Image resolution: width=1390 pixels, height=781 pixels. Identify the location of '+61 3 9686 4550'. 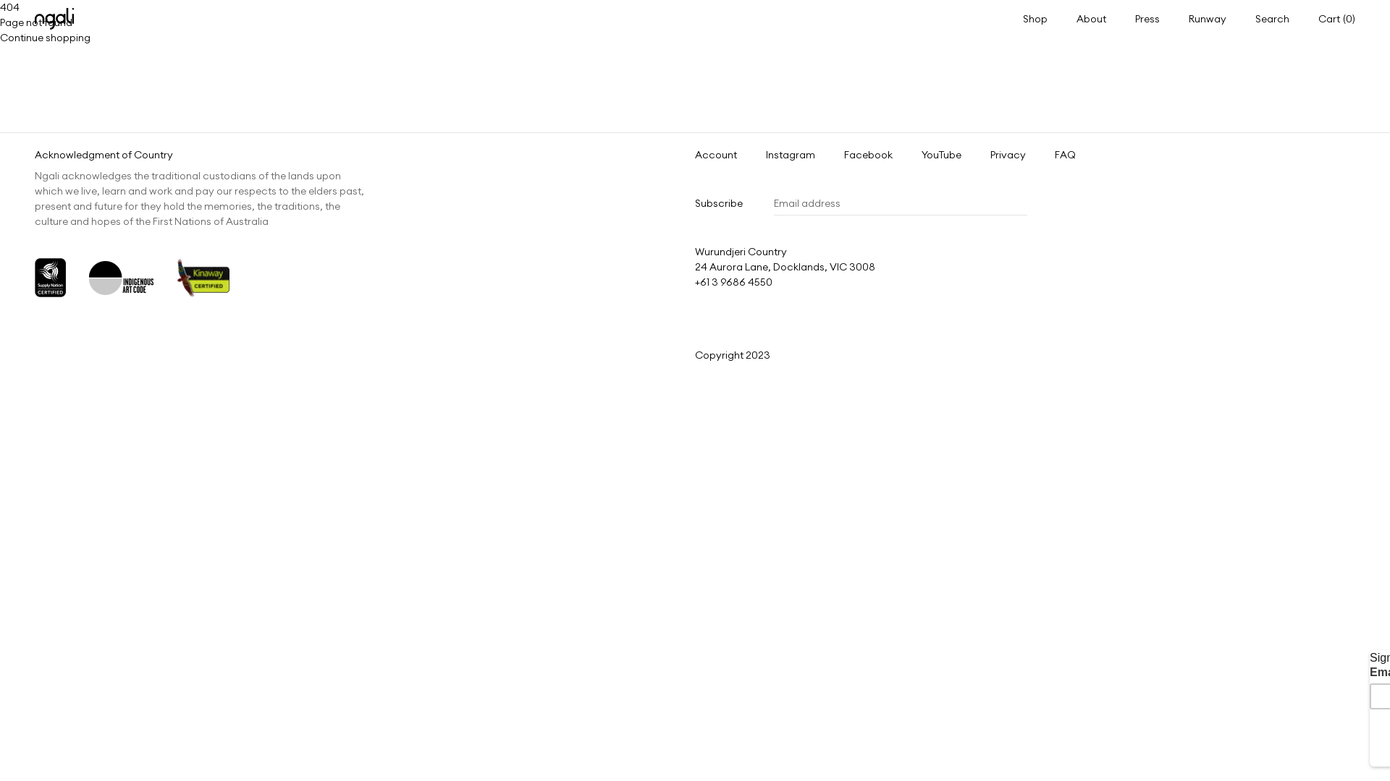
(695, 281).